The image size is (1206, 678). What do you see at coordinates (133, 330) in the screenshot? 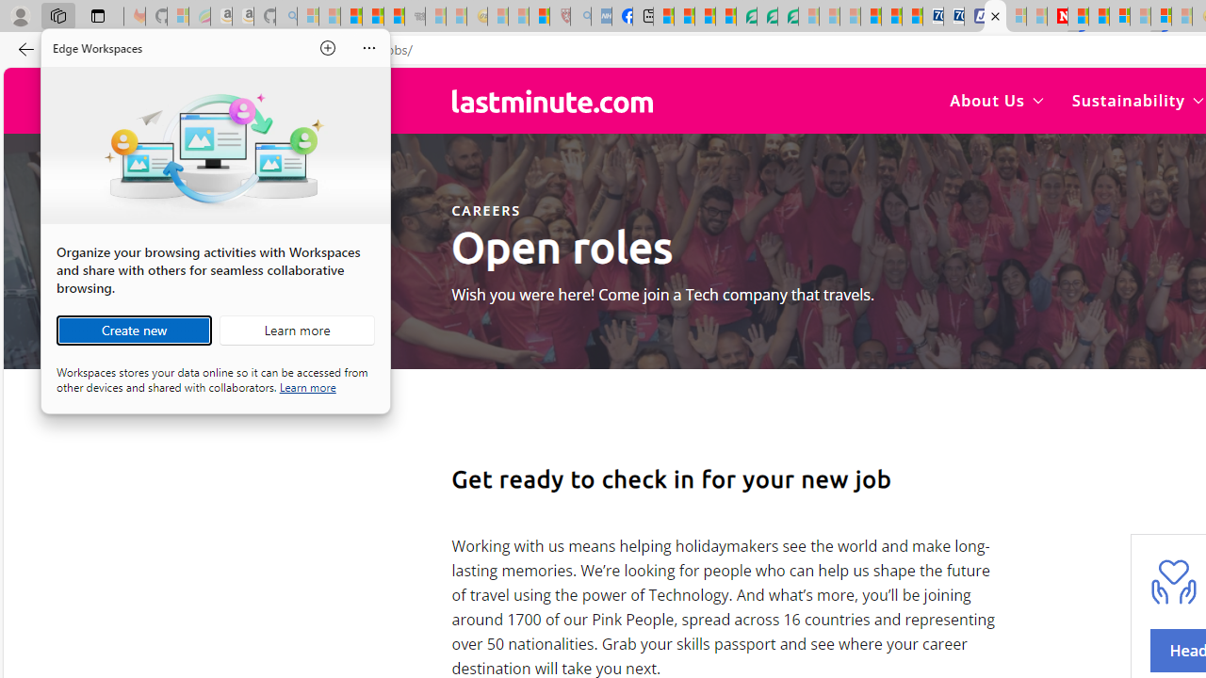
I see `'Create new workspace'` at bounding box center [133, 330].